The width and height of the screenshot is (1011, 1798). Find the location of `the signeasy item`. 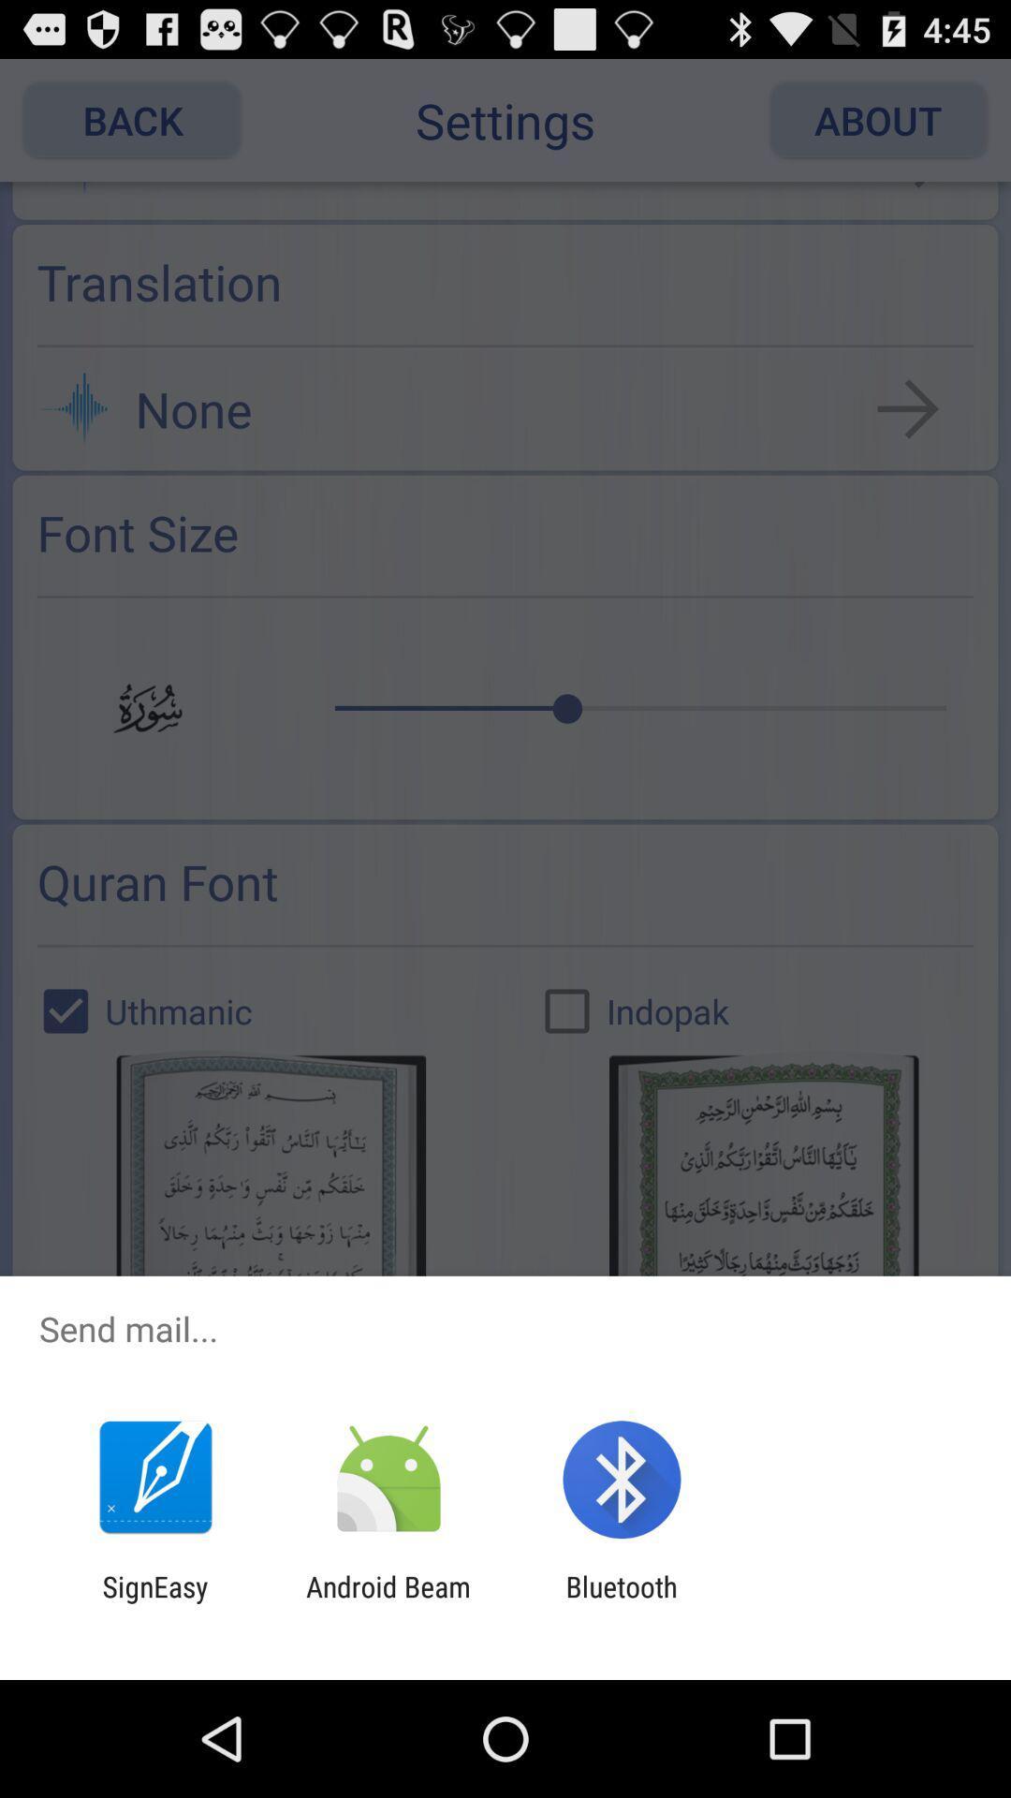

the signeasy item is located at coordinates (154, 1602).